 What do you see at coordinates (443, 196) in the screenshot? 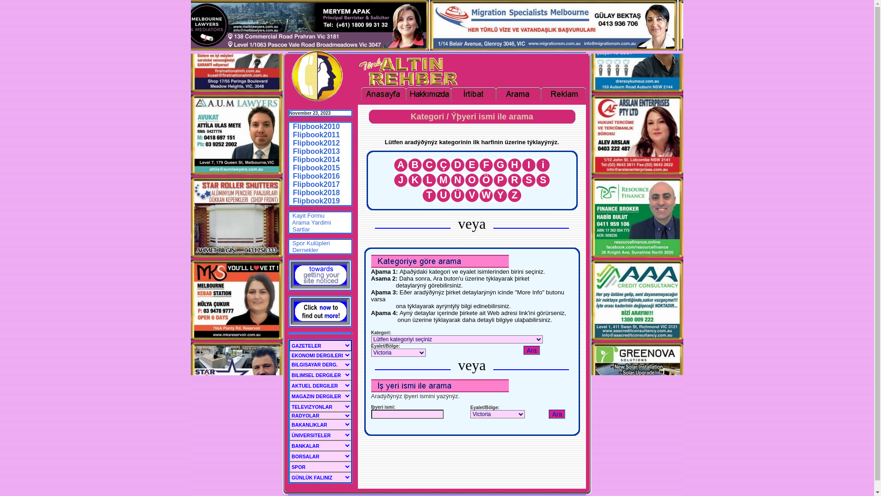
I see `'U'` at bounding box center [443, 196].